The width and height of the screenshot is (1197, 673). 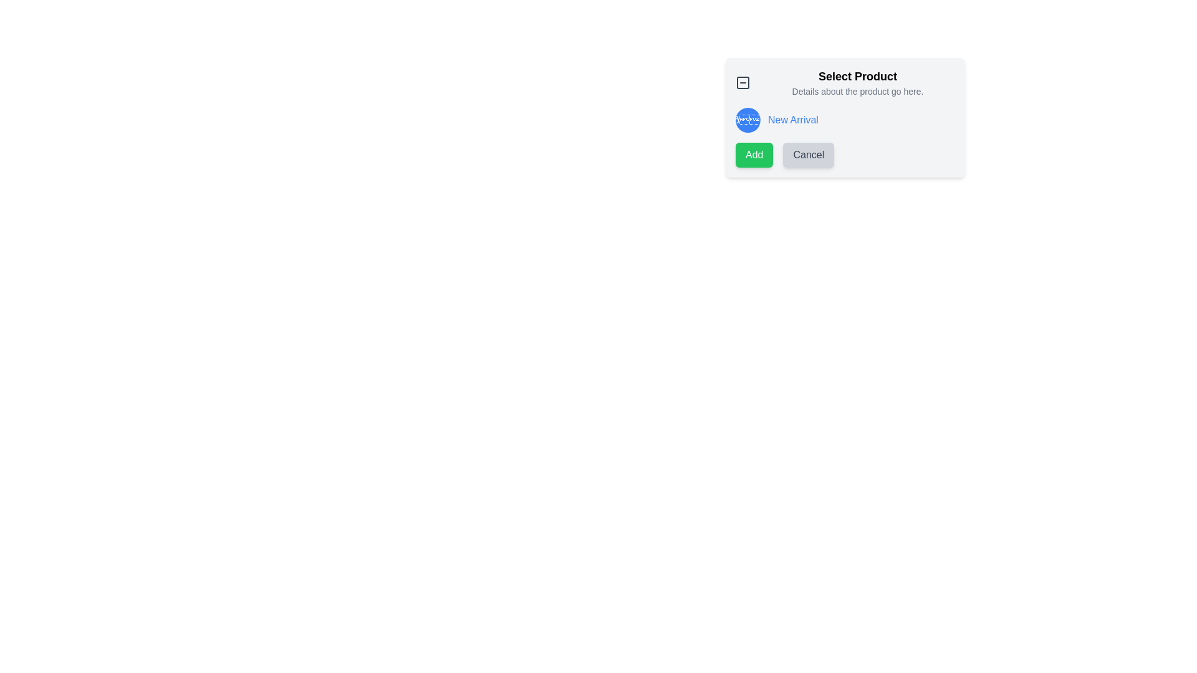 I want to click on the Text Label that reads 'Details about the product go here.' positioned directly below the 'Select Product' header, so click(x=857, y=90).